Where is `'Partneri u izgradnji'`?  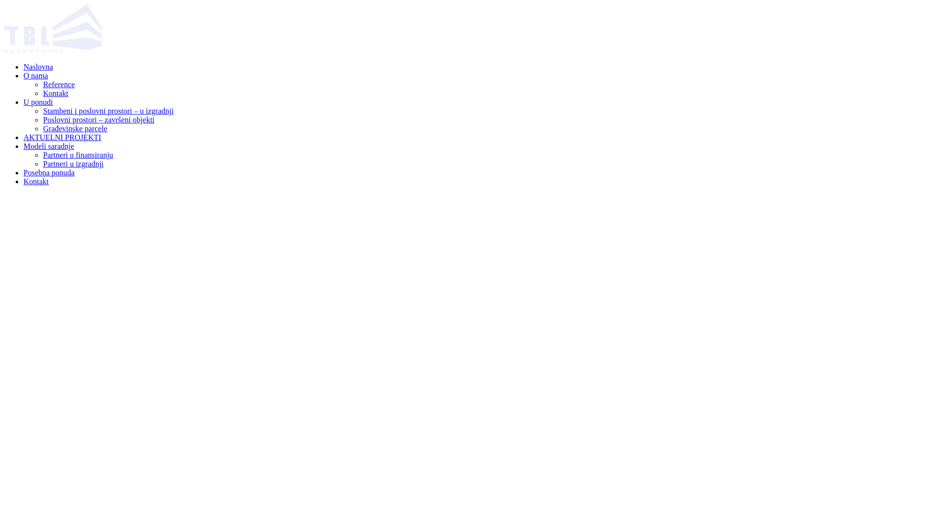
'Partneri u izgradnji' is located at coordinates (42, 163).